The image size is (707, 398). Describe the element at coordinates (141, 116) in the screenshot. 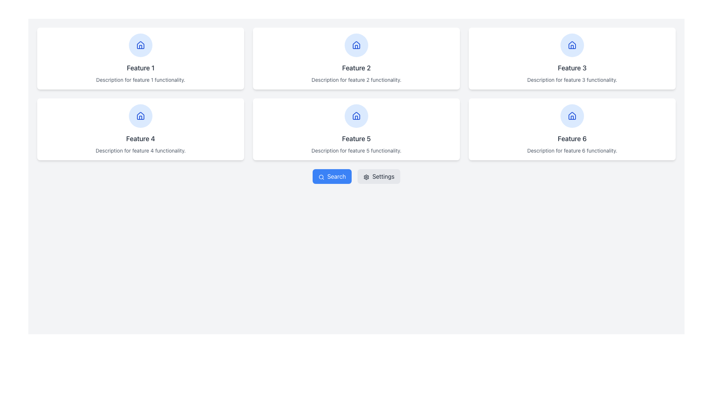

I see `the blue-outlined house-shaped icon with a circular light blue background located in the second row, first column of the grid layout` at that location.